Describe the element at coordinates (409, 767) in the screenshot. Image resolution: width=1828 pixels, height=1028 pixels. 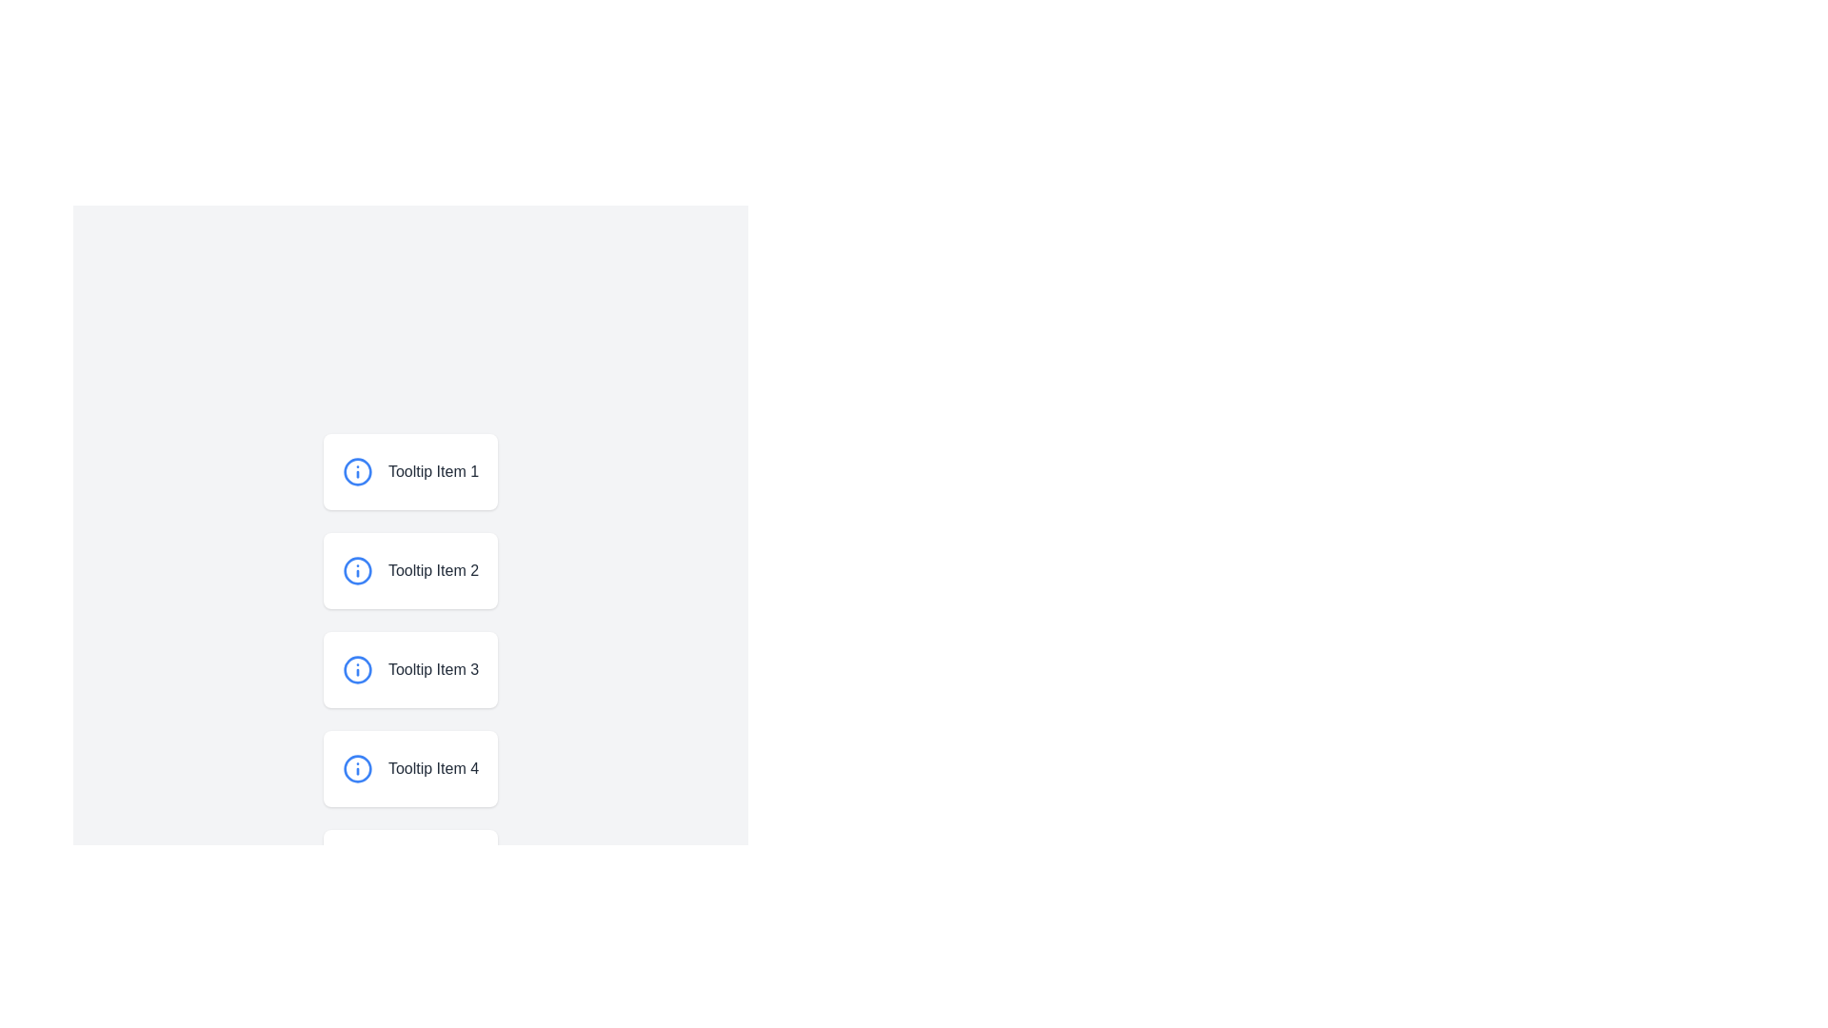
I see `the fourth selectable item card in the vertical list for keyboard navigation` at that location.